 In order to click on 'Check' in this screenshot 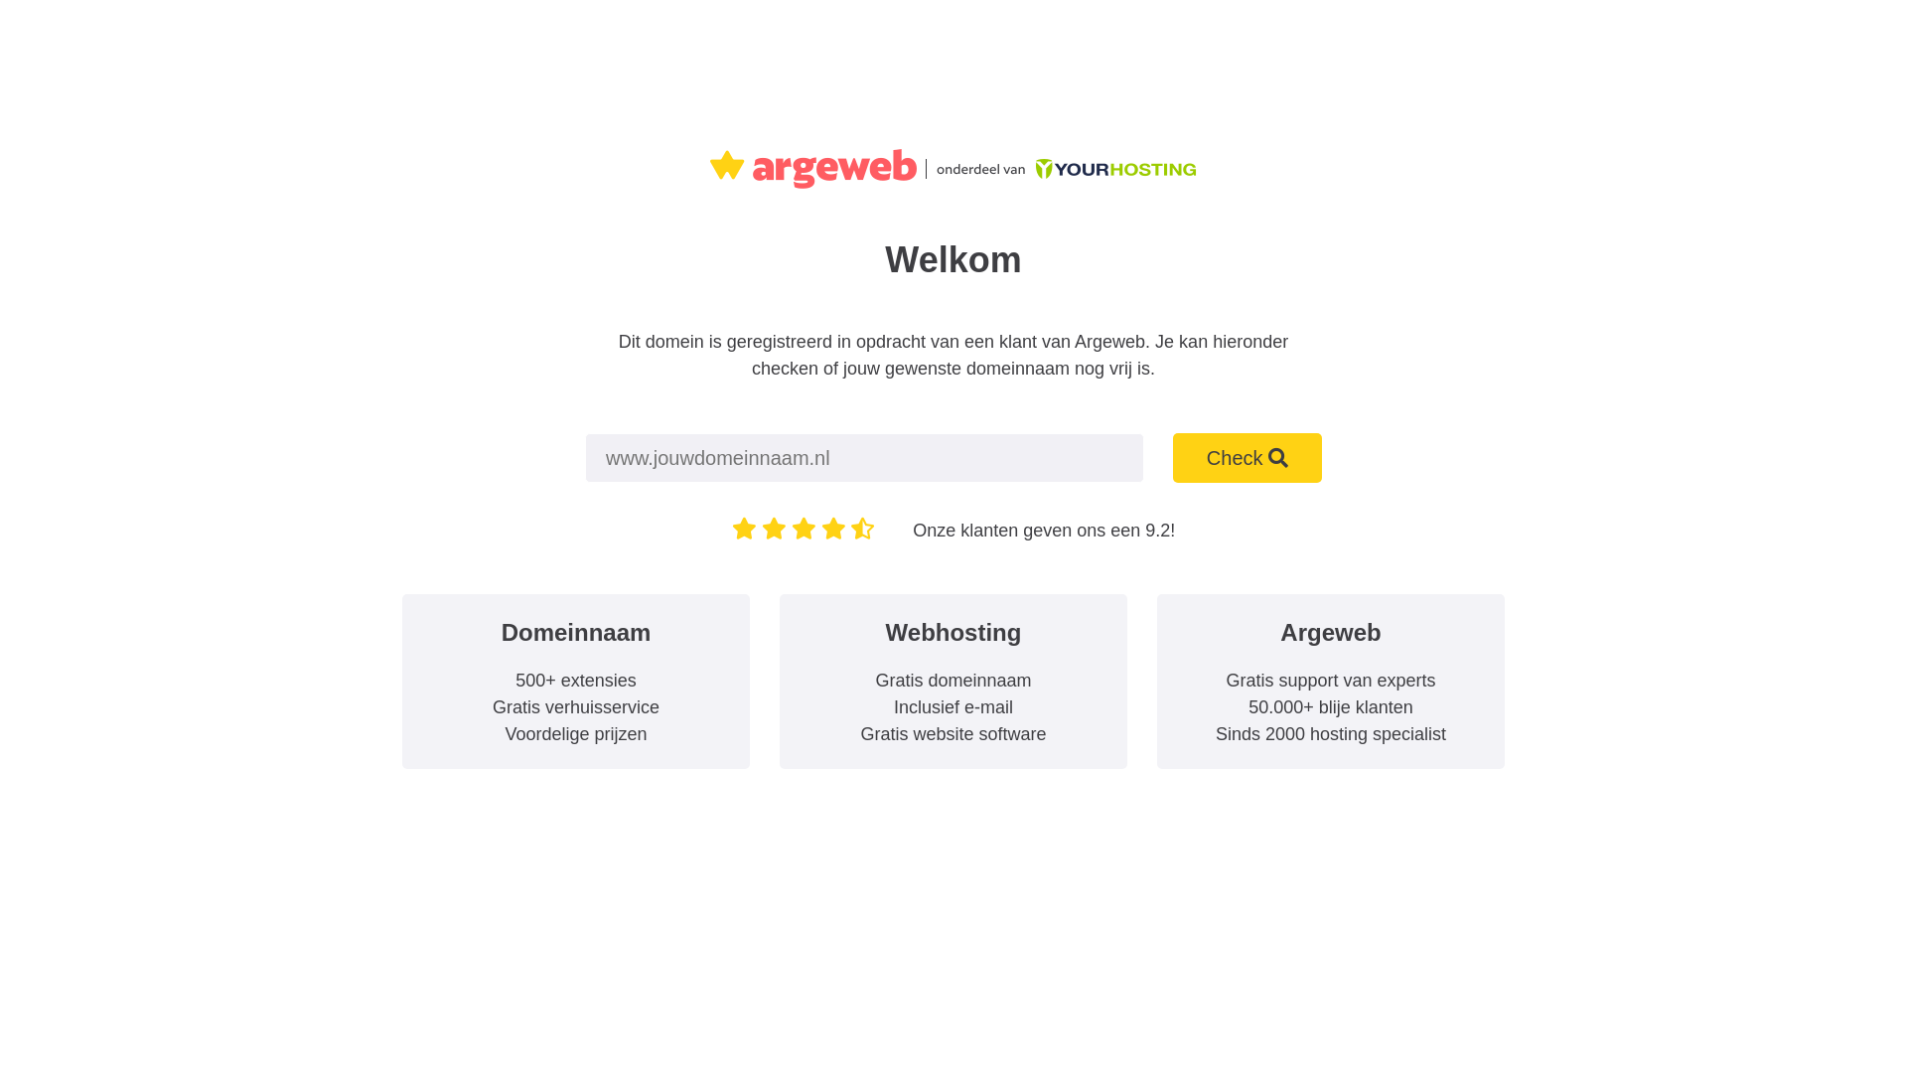, I will do `click(1247, 458)`.